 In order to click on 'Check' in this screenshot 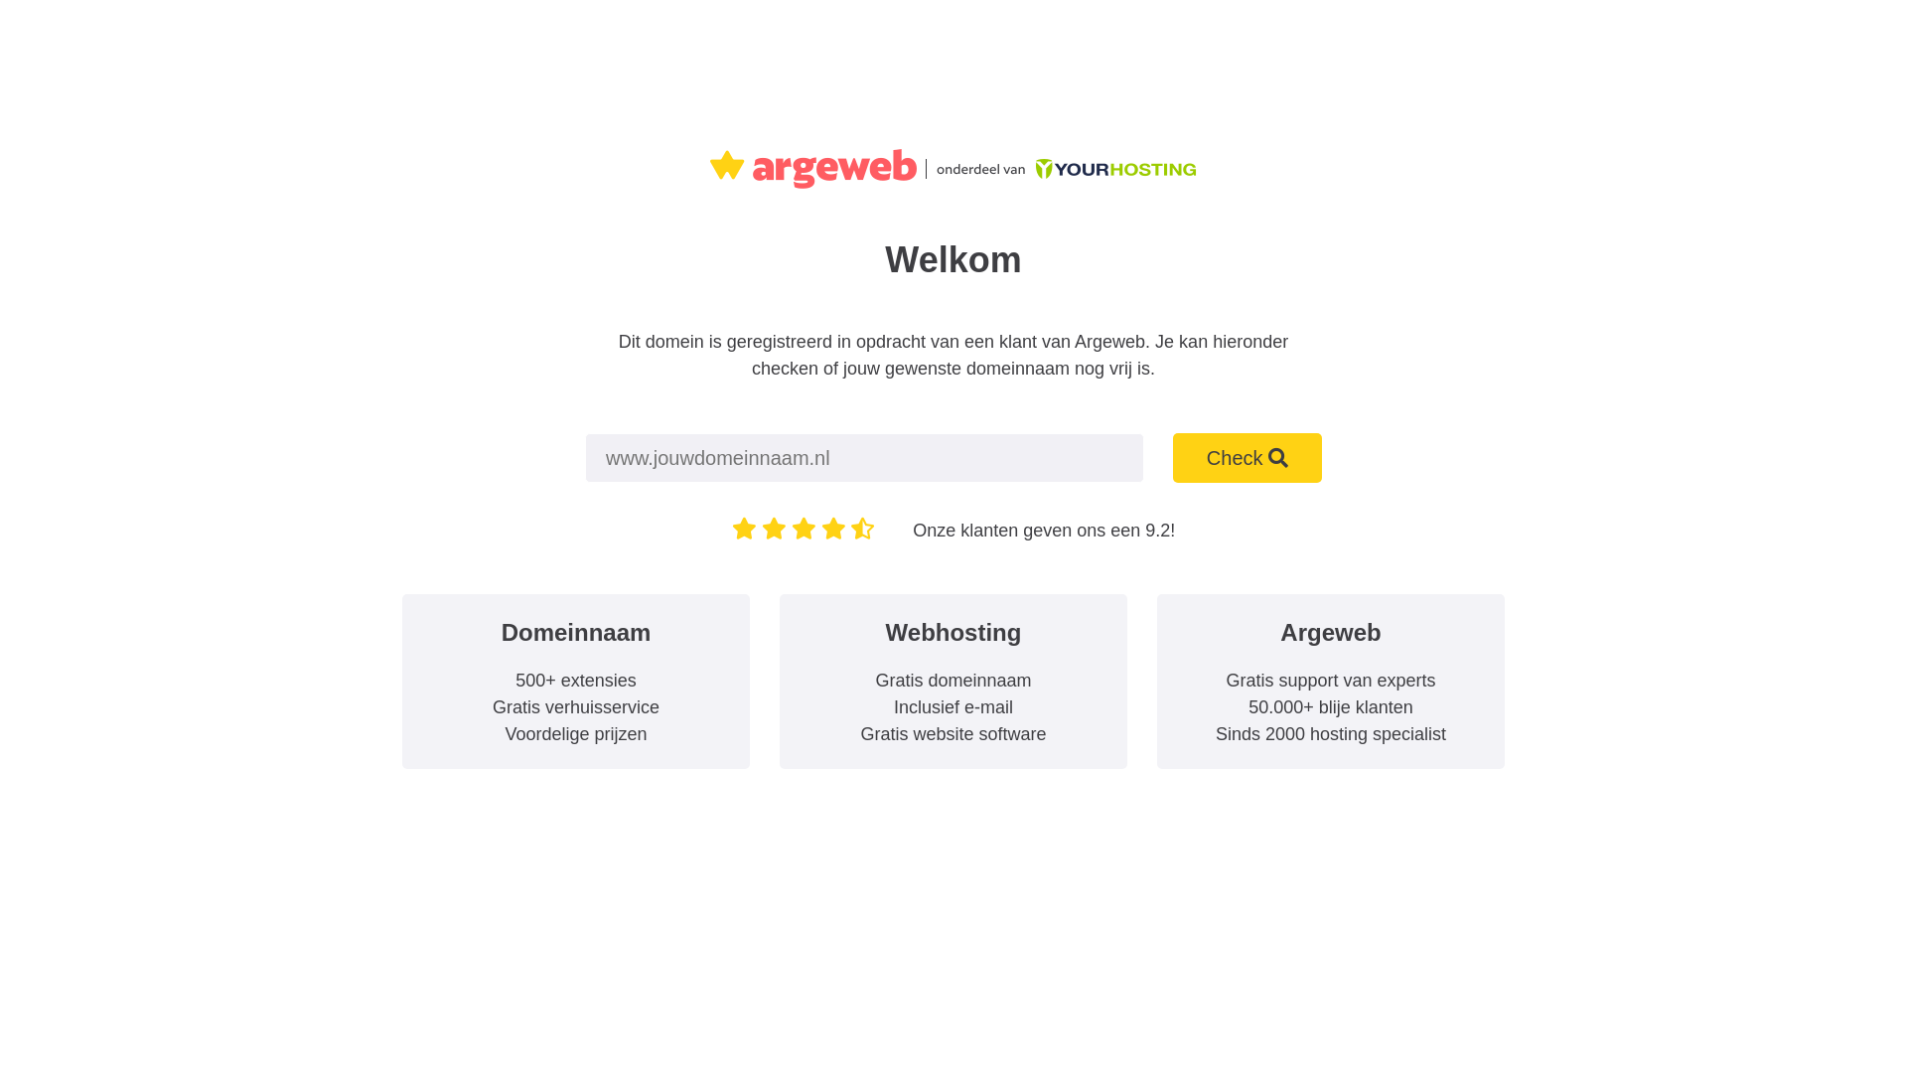, I will do `click(1247, 458)`.